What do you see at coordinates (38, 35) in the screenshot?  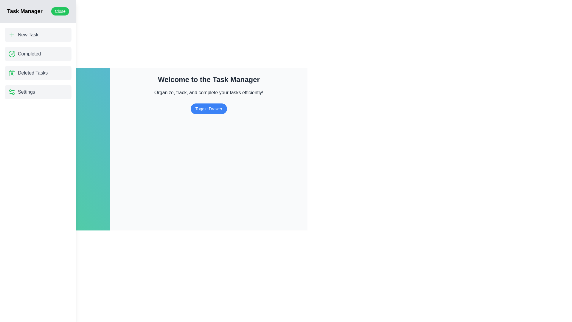 I see `the item New Task from the drawer menu` at bounding box center [38, 35].